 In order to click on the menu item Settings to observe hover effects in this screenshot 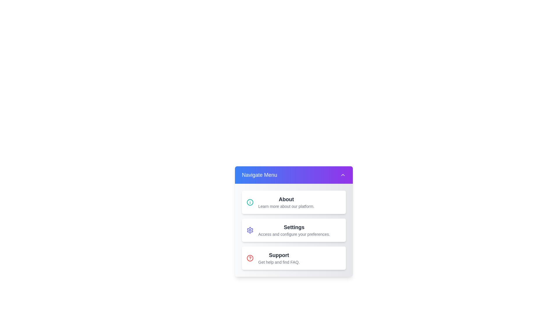, I will do `click(294, 230)`.